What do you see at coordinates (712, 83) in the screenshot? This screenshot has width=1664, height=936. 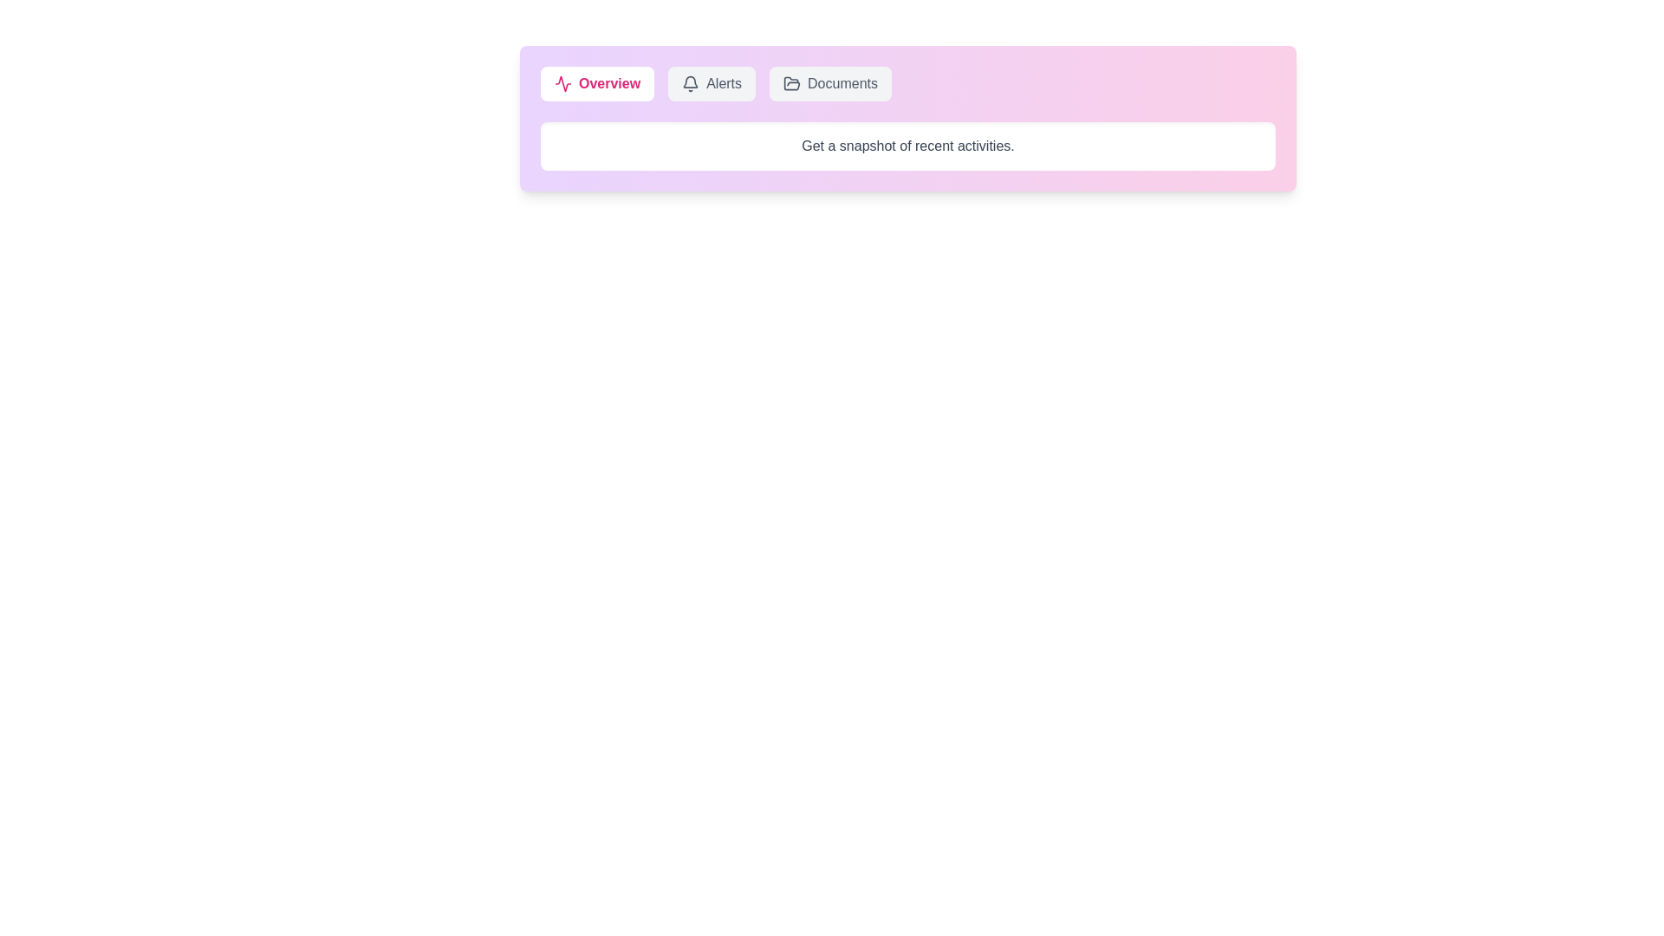 I see `the Alerts tab to view its content` at bounding box center [712, 83].